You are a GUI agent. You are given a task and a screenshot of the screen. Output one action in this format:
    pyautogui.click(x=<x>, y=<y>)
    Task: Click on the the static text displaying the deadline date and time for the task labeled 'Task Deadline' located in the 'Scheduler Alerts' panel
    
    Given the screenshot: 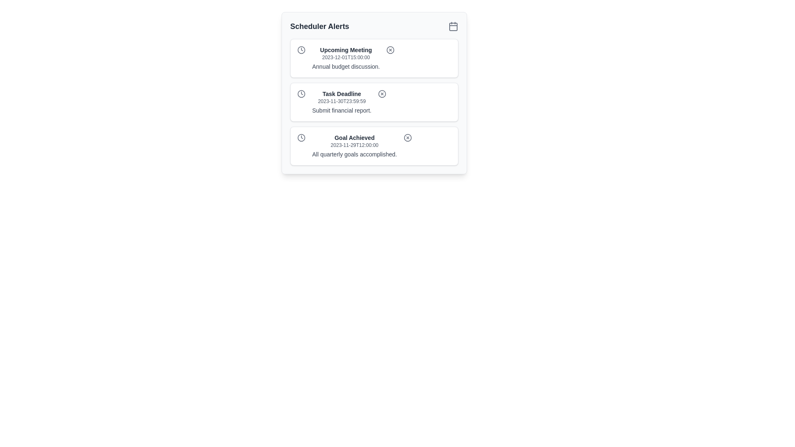 What is the action you would take?
    pyautogui.click(x=342, y=101)
    